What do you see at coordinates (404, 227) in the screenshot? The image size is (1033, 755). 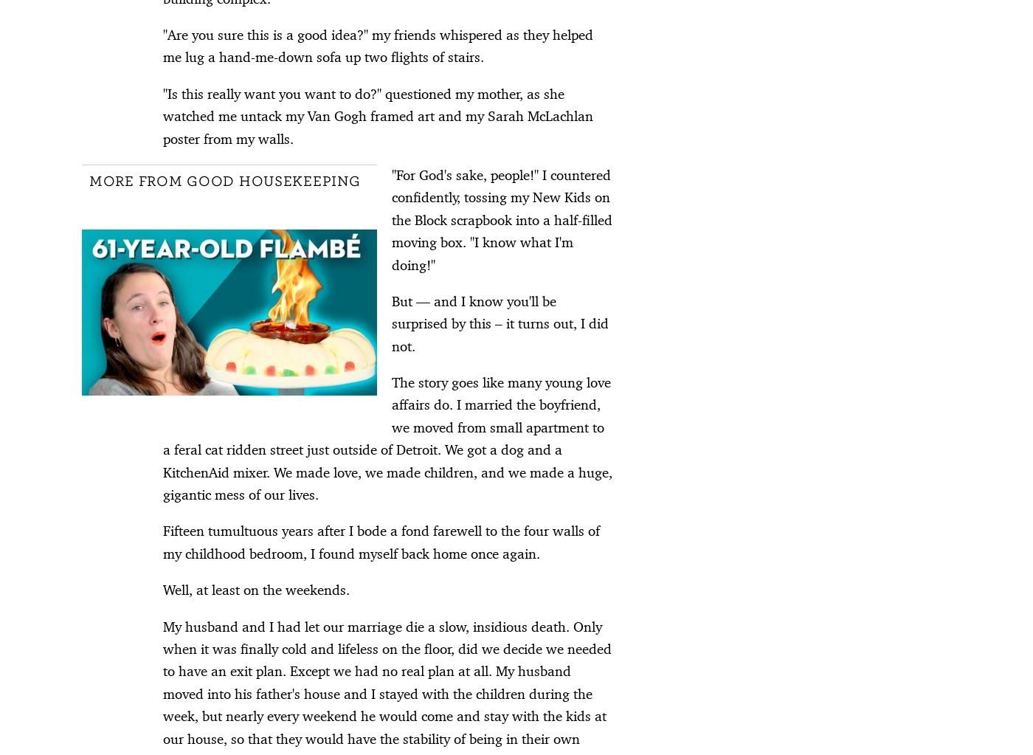 I see `'7 Fun and Romantic Date Night Boxes for Couples'` at bounding box center [404, 227].